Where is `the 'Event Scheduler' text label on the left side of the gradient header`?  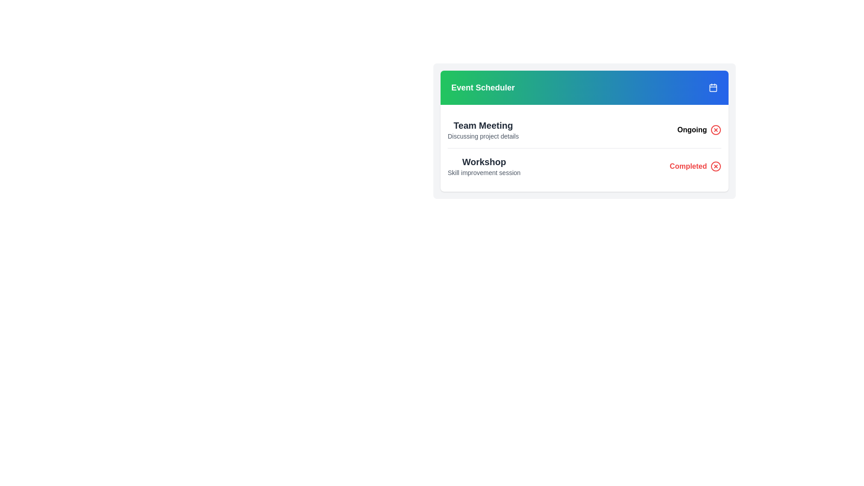
the 'Event Scheduler' text label on the left side of the gradient header is located at coordinates (482, 88).